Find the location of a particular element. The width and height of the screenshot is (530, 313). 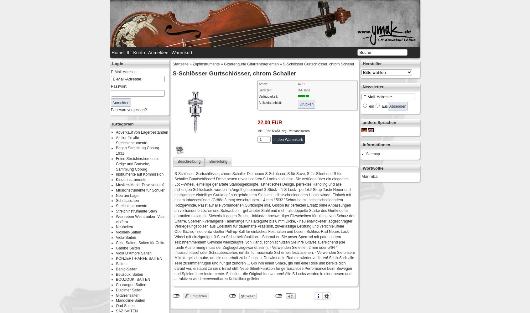

'ein' is located at coordinates (371, 106).